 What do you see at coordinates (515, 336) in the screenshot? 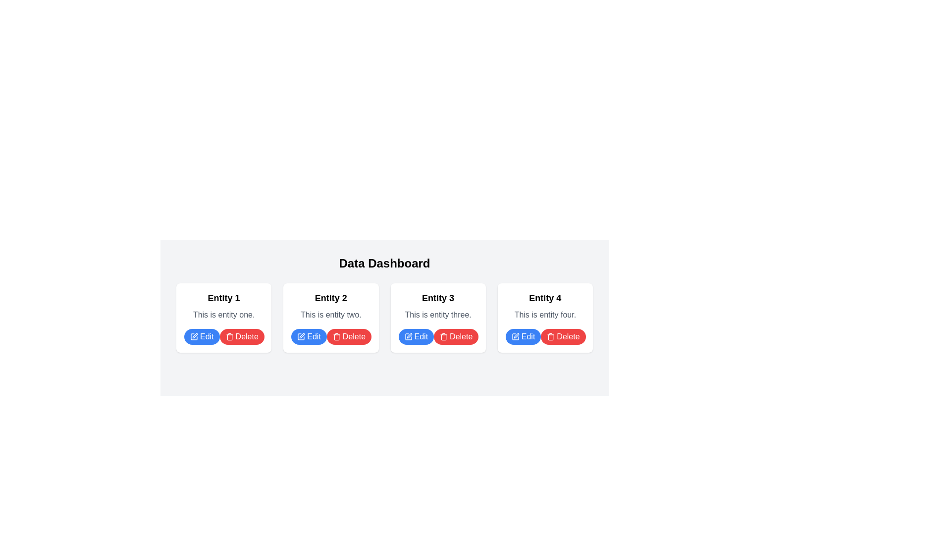
I see `the 'Edit' button associated with the pencil icon located in the fourth entity box under the 'Data Dashboard'` at bounding box center [515, 336].